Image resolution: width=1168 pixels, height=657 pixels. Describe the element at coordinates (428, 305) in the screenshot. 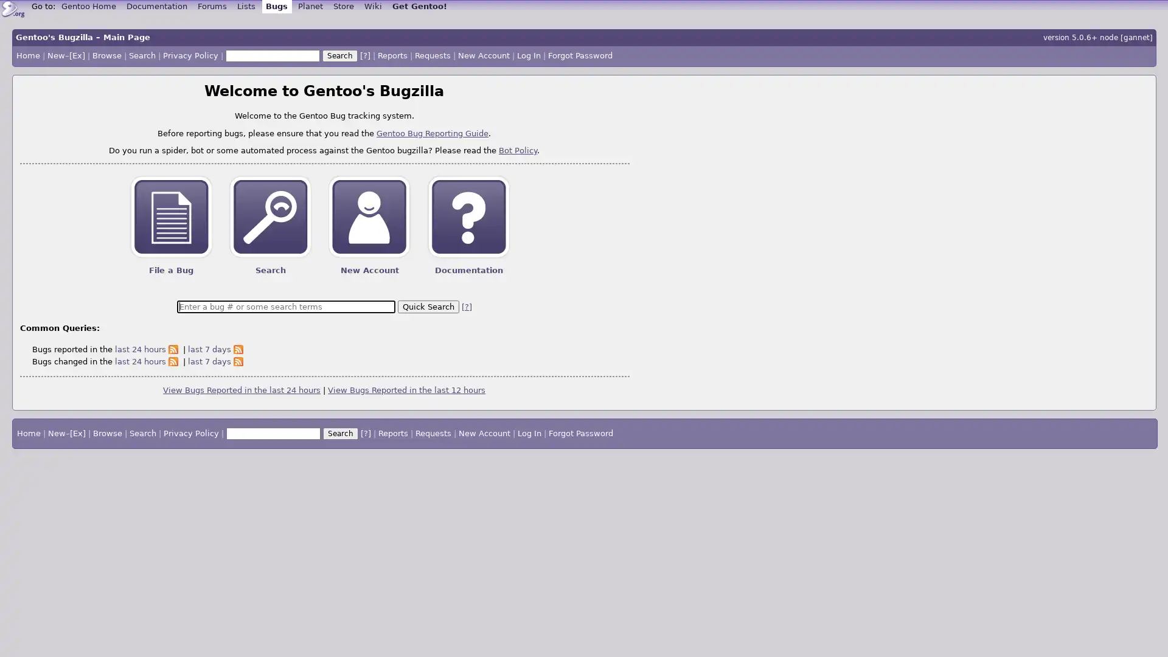

I see `Quick Search` at that location.